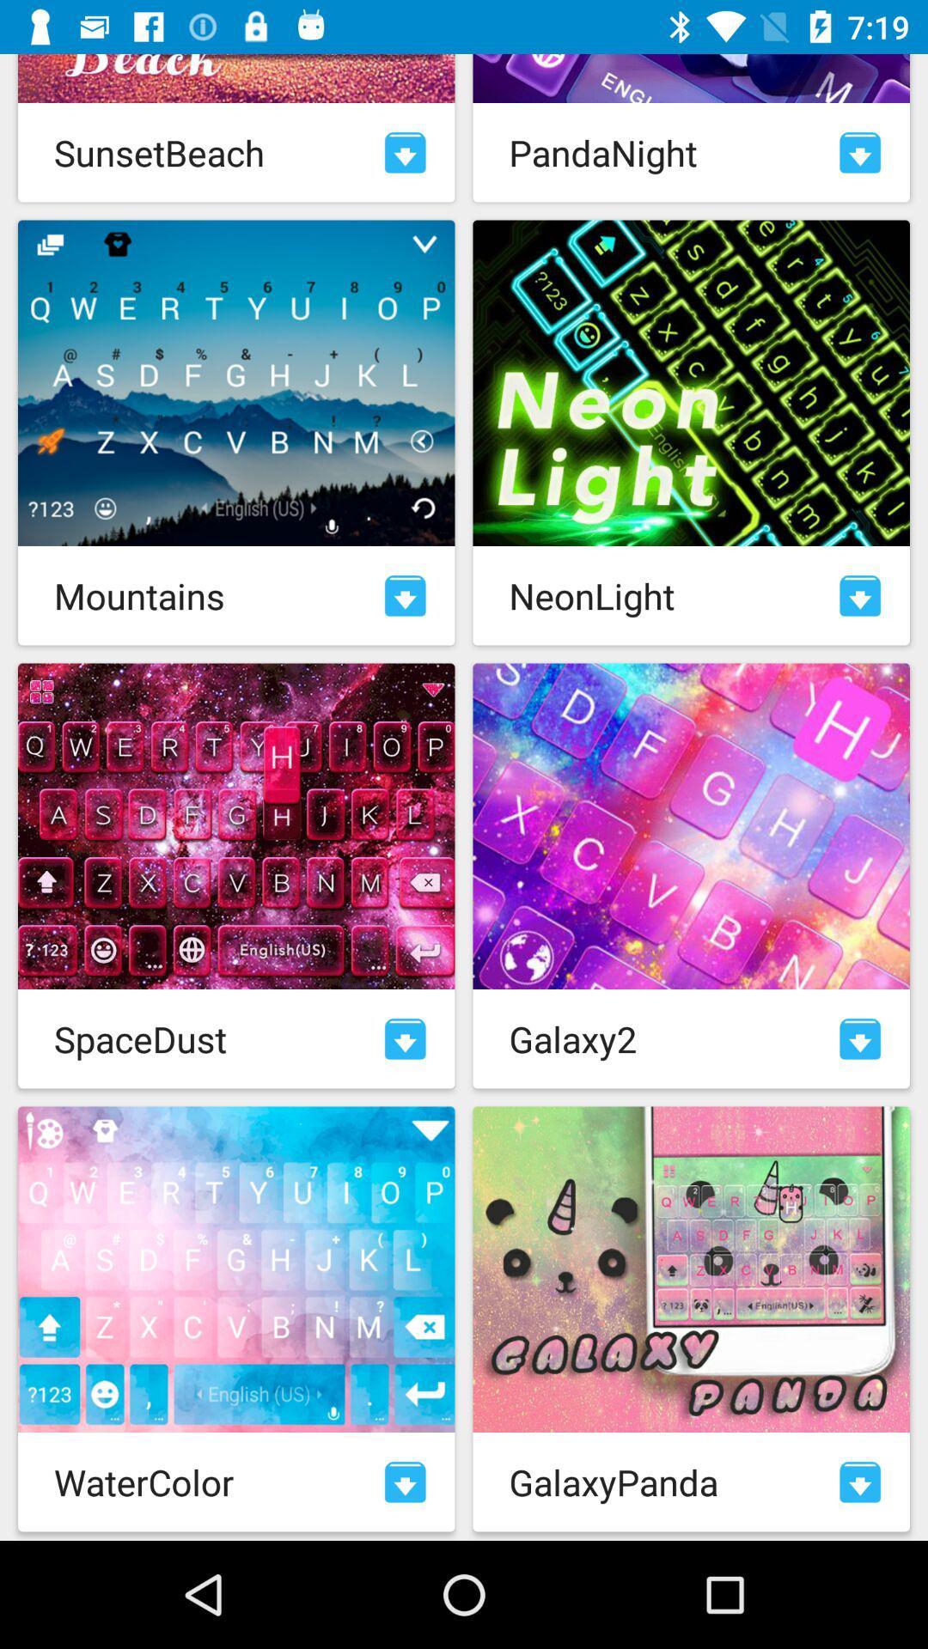 Image resolution: width=928 pixels, height=1649 pixels. I want to click on download neonlight theme, so click(860, 595).